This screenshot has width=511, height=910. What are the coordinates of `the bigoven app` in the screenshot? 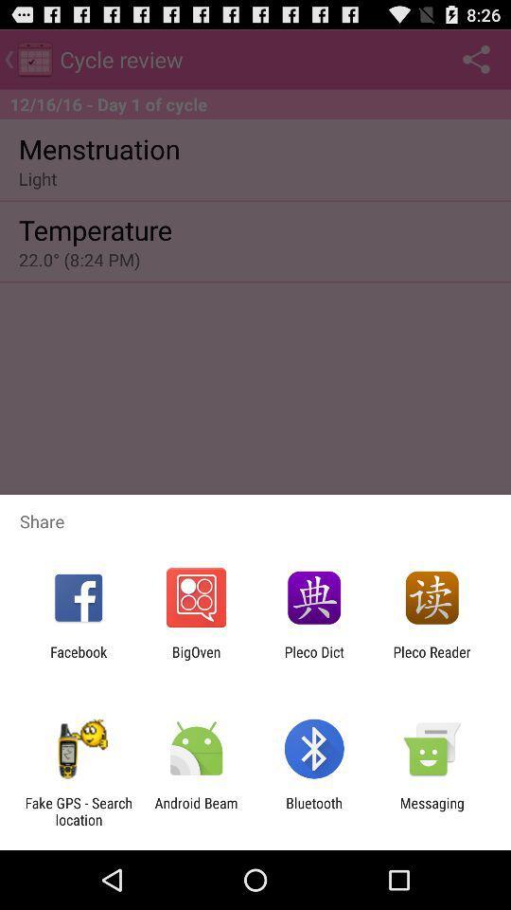 It's located at (195, 660).